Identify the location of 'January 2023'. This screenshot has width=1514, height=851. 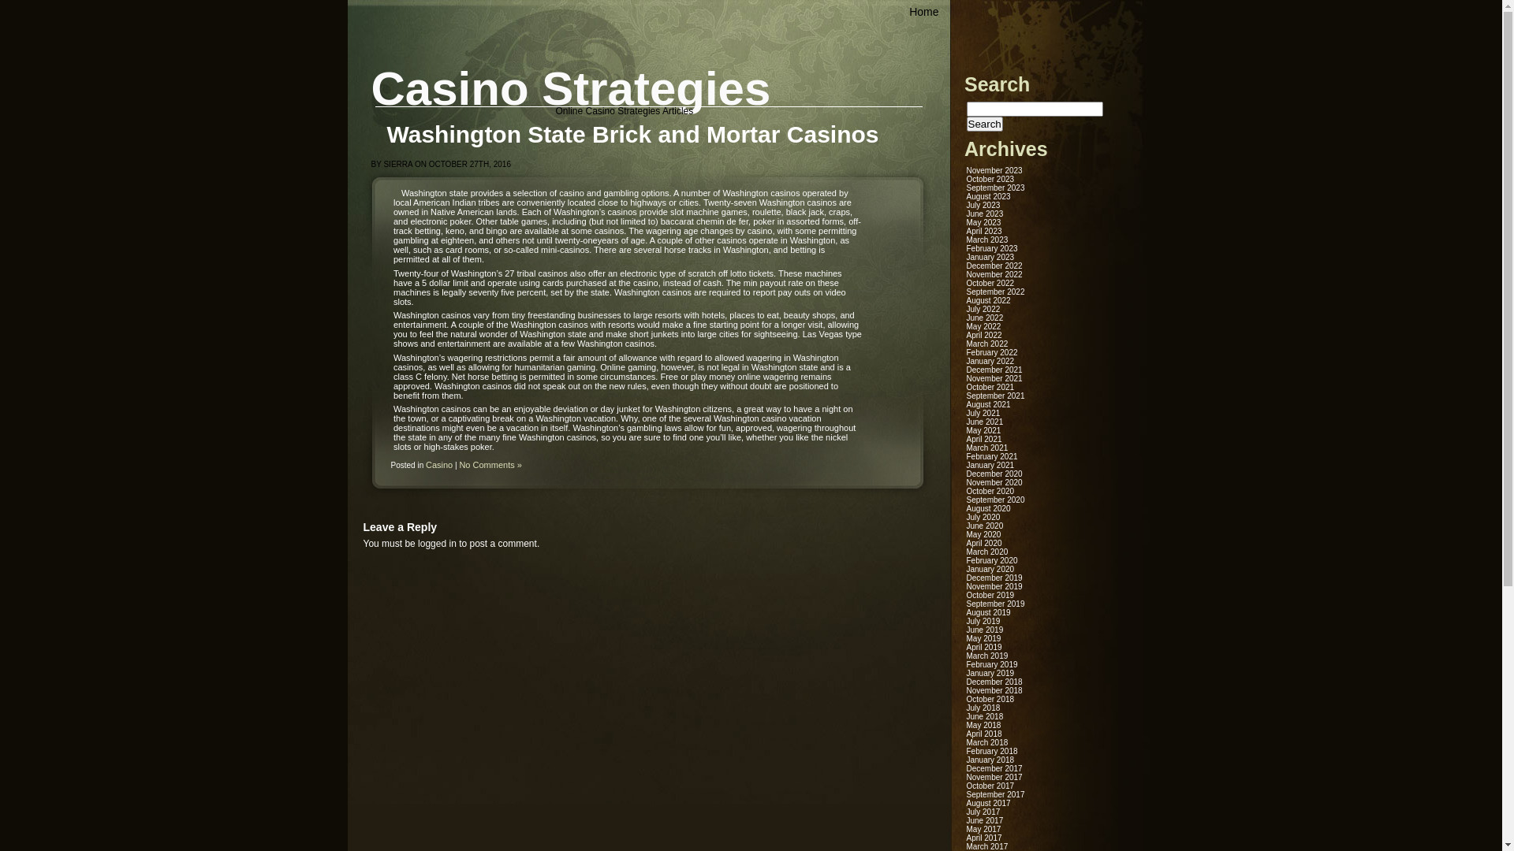
(990, 256).